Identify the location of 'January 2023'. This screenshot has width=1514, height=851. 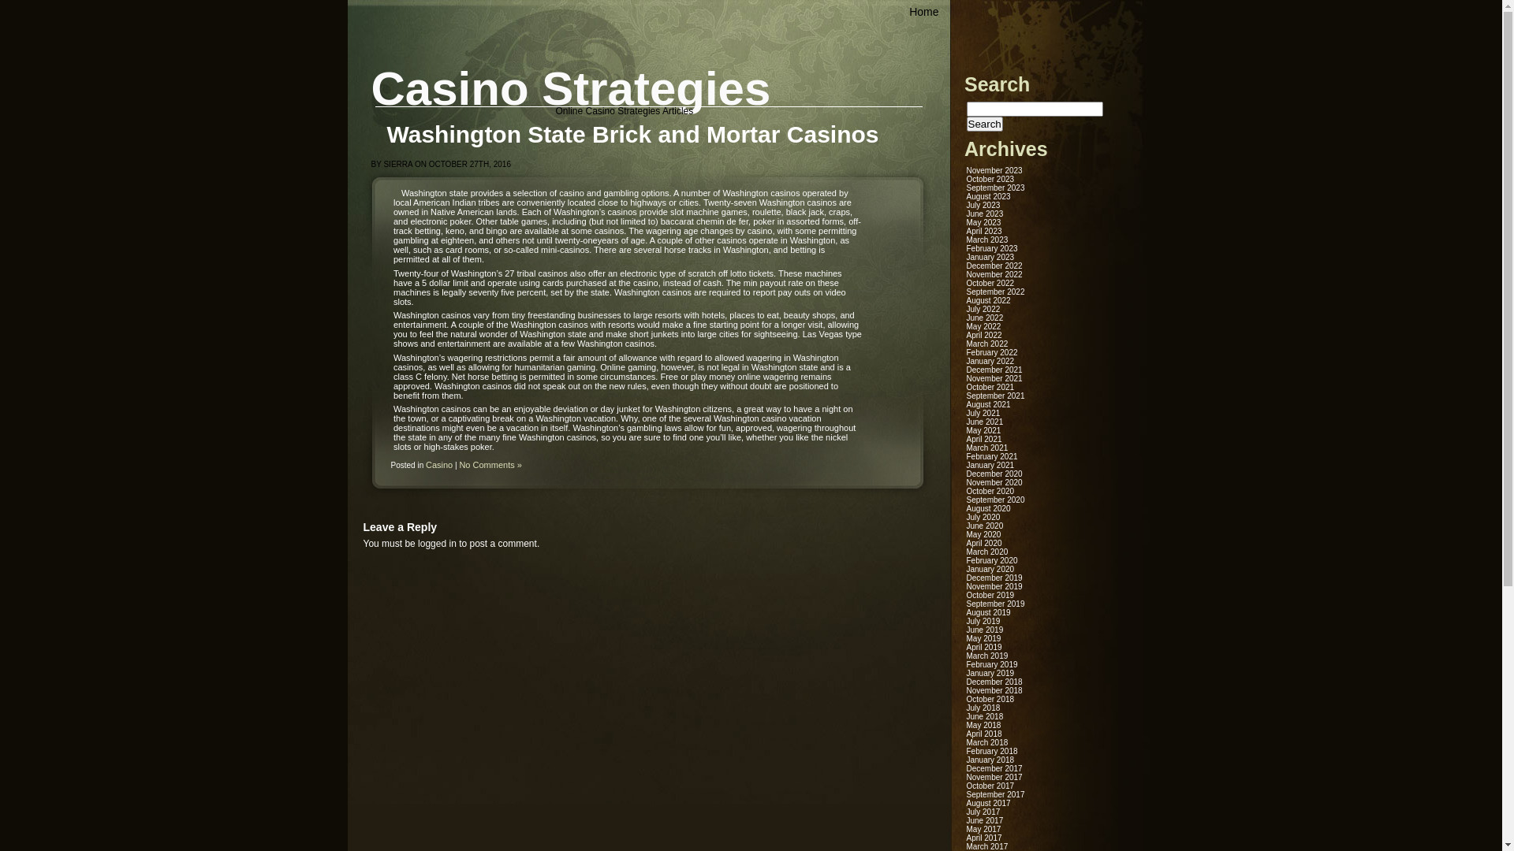
(990, 256).